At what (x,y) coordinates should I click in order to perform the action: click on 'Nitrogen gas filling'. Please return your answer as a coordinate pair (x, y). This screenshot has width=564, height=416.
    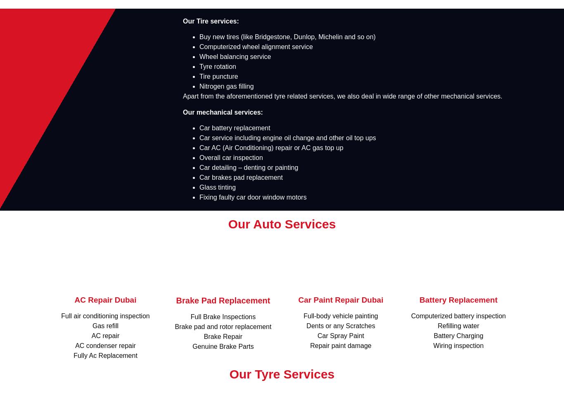
    Looking at the image, I should click on (226, 86).